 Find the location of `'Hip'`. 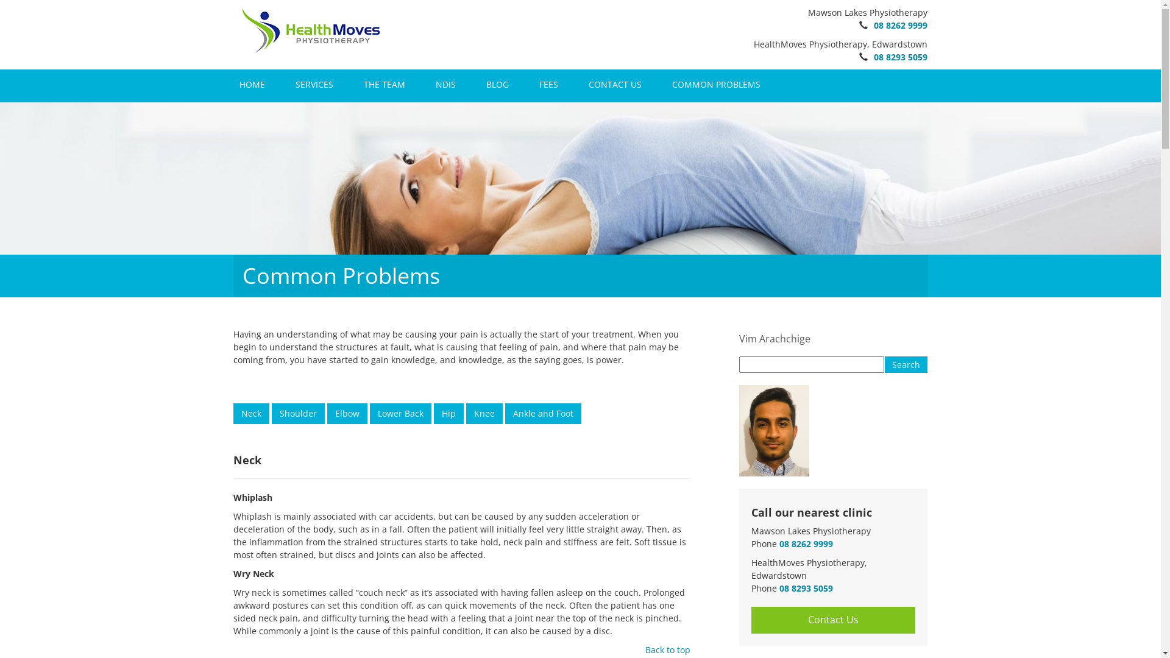

'Hip' is located at coordinates (448, 412).